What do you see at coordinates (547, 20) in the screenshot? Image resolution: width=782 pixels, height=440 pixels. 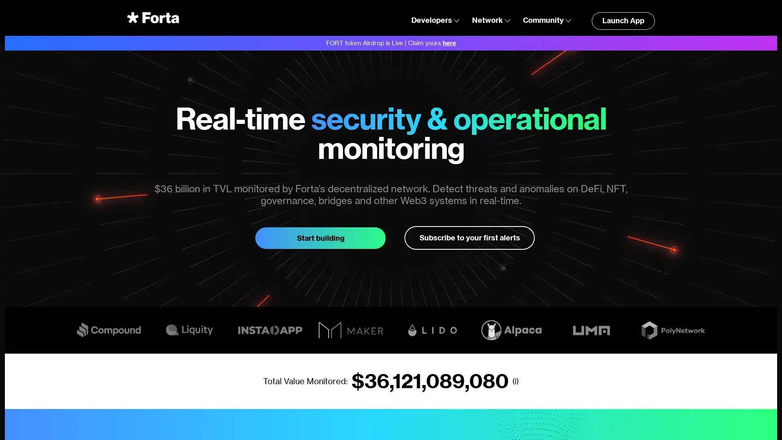 I see `Community` at bounding box center [547, 20].